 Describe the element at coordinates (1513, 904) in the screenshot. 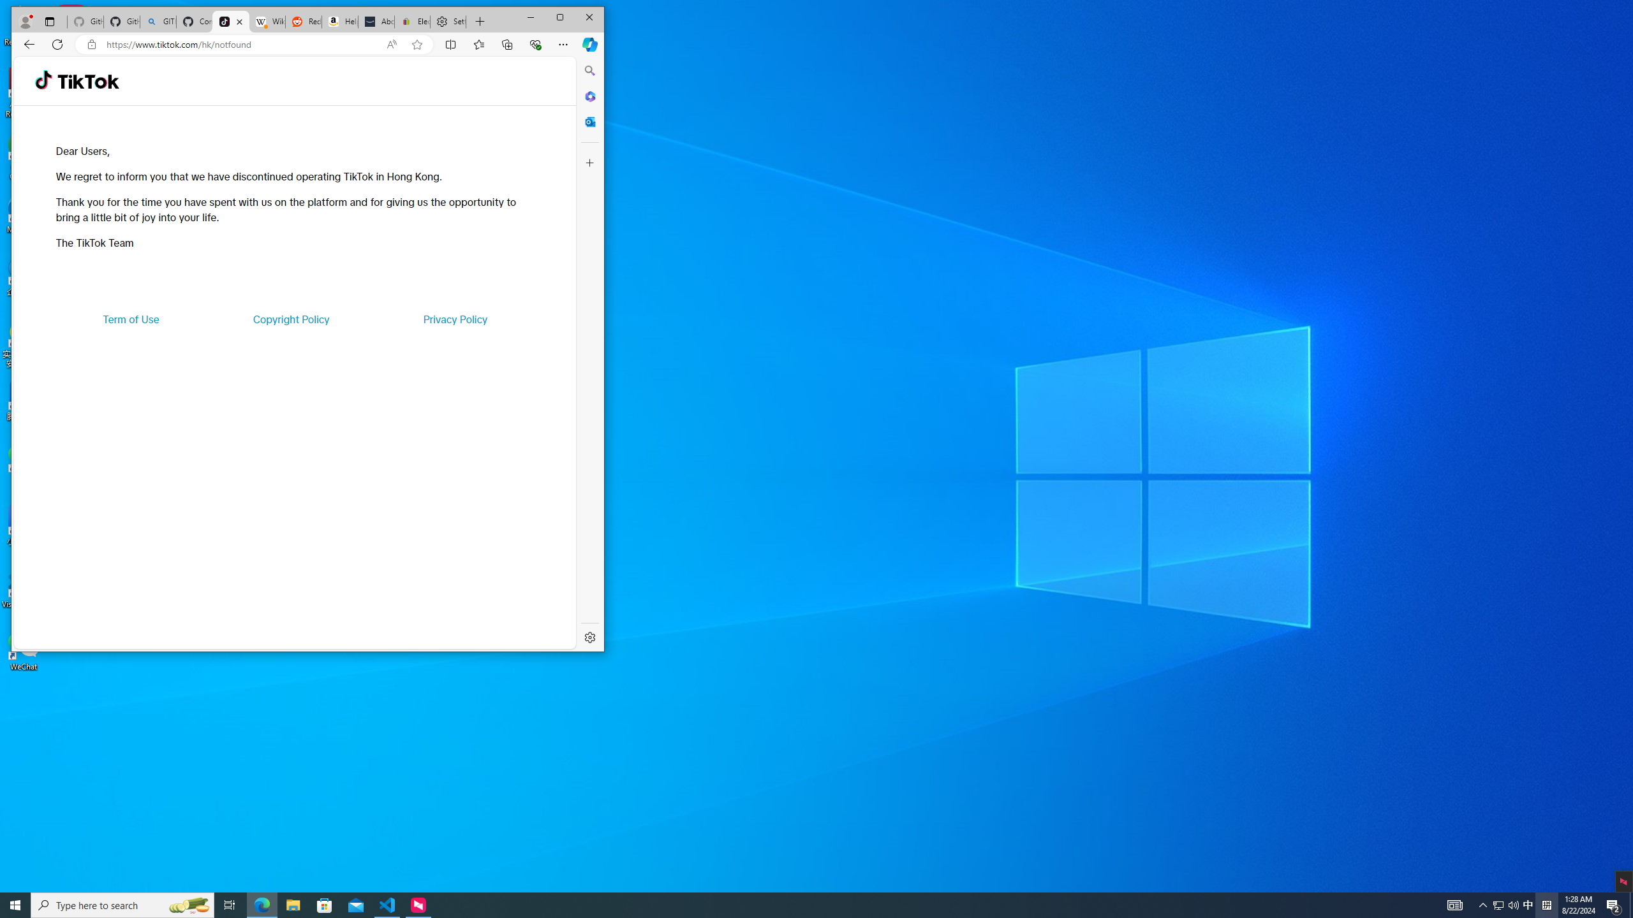

I see `'Q2790: 100%'` at that location.